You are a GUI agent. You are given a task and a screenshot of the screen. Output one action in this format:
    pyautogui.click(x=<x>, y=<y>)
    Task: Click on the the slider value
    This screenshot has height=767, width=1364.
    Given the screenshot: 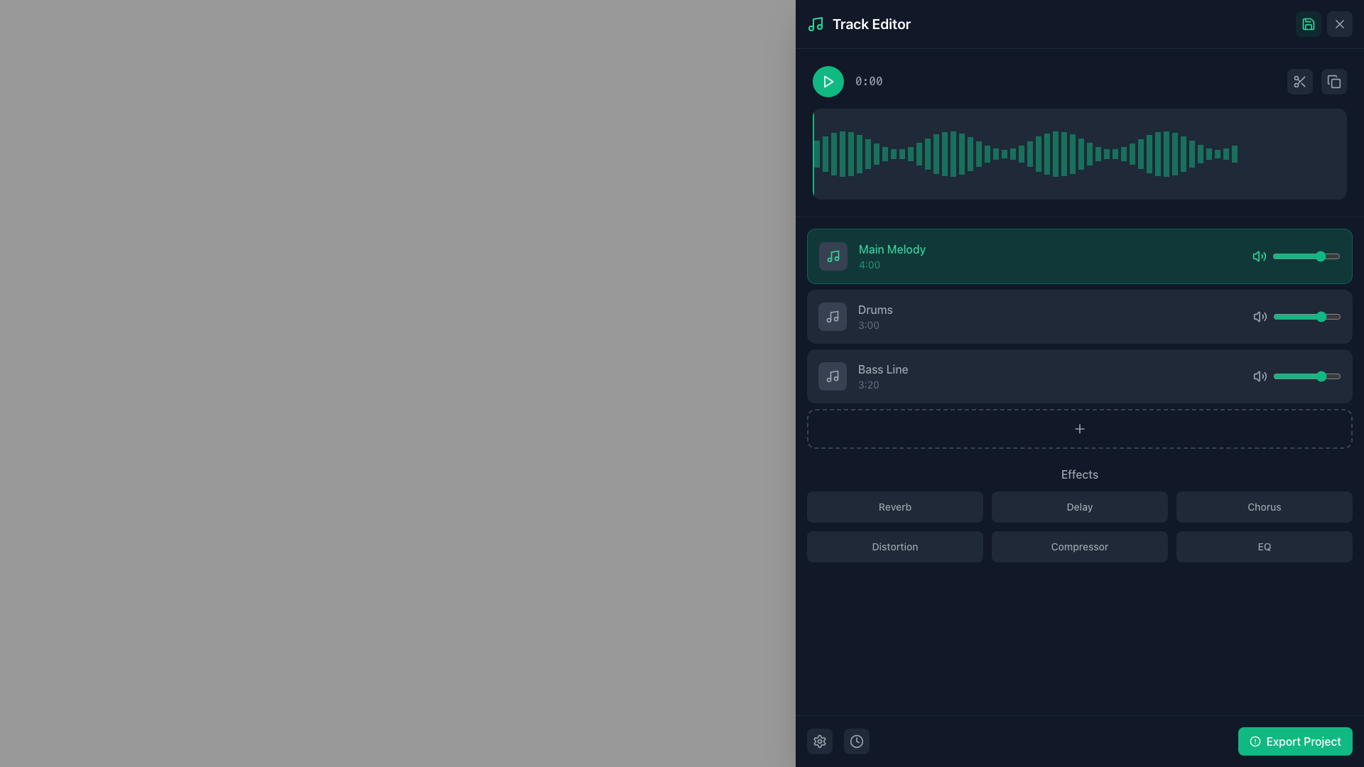 What is the action you would take?
    pyautogui.click(x=1303, y=375)
    